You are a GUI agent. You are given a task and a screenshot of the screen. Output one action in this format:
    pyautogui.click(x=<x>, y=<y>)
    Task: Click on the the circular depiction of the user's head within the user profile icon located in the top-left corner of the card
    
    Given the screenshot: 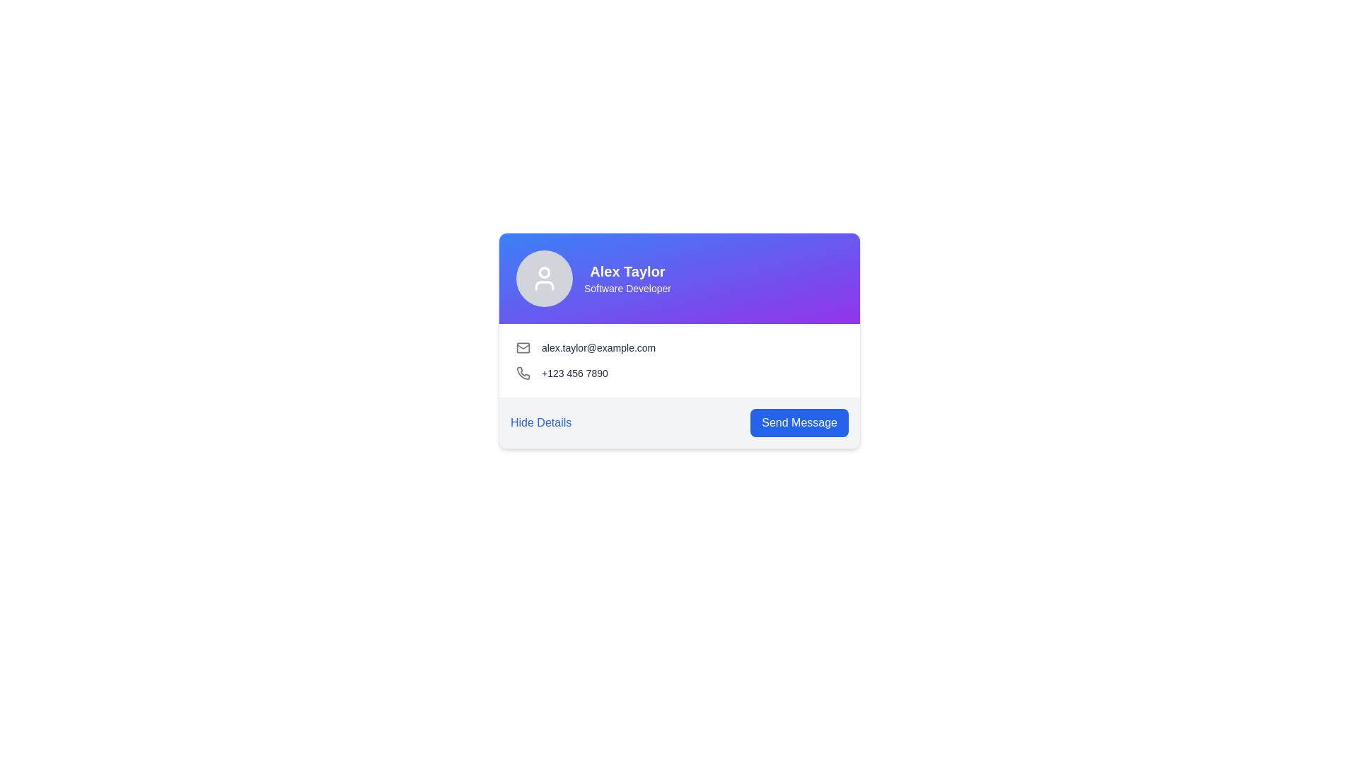 What is the action you would take?
    pyautogui.click(x=543, y=272)
    